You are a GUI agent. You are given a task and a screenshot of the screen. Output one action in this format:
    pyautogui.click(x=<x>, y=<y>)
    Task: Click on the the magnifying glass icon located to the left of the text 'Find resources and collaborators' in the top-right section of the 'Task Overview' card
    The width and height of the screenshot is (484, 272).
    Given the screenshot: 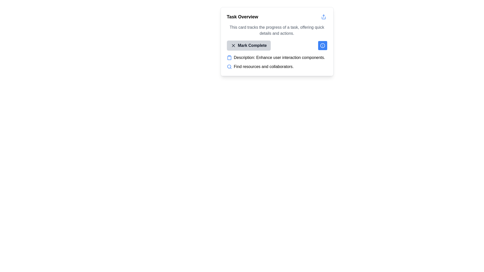 What is the action you would take?
    pyautogui.click(x=229, y=66)
    